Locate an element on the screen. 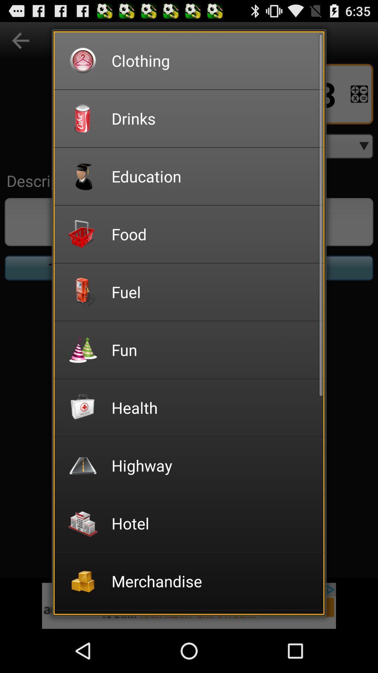  icon below drinks item is located at coordinates (212, 176).